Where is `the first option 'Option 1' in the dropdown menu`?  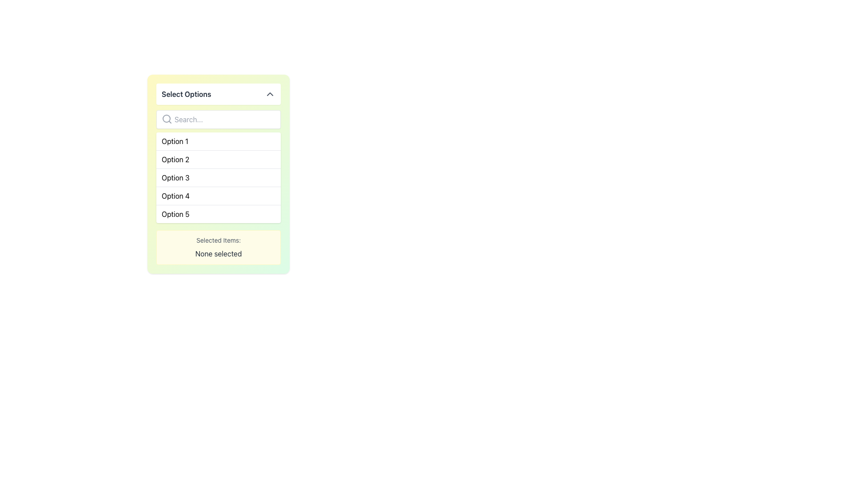 the first option 'Option 1' in the dropdown menu is located at coordinates (175, 140).